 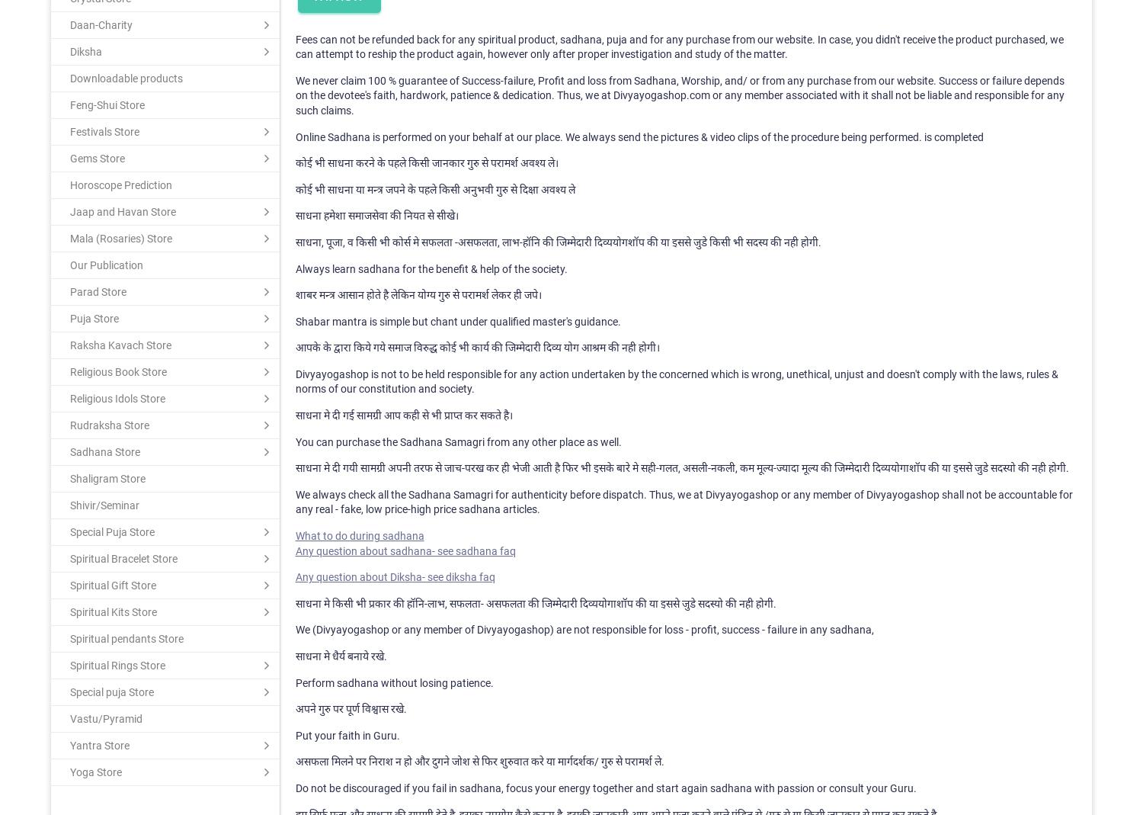 What do you see at coordinates (679, 46) in the screenshot?
I see `'Fees can not be refunded back for any spiritual product, sadhana, puja and for any purchase from our website. In case, you didn't receive the product purchased, we can attempt to reship the product again, however only after proper investigation and study of the matter.'` at bounding box center [679, 46].